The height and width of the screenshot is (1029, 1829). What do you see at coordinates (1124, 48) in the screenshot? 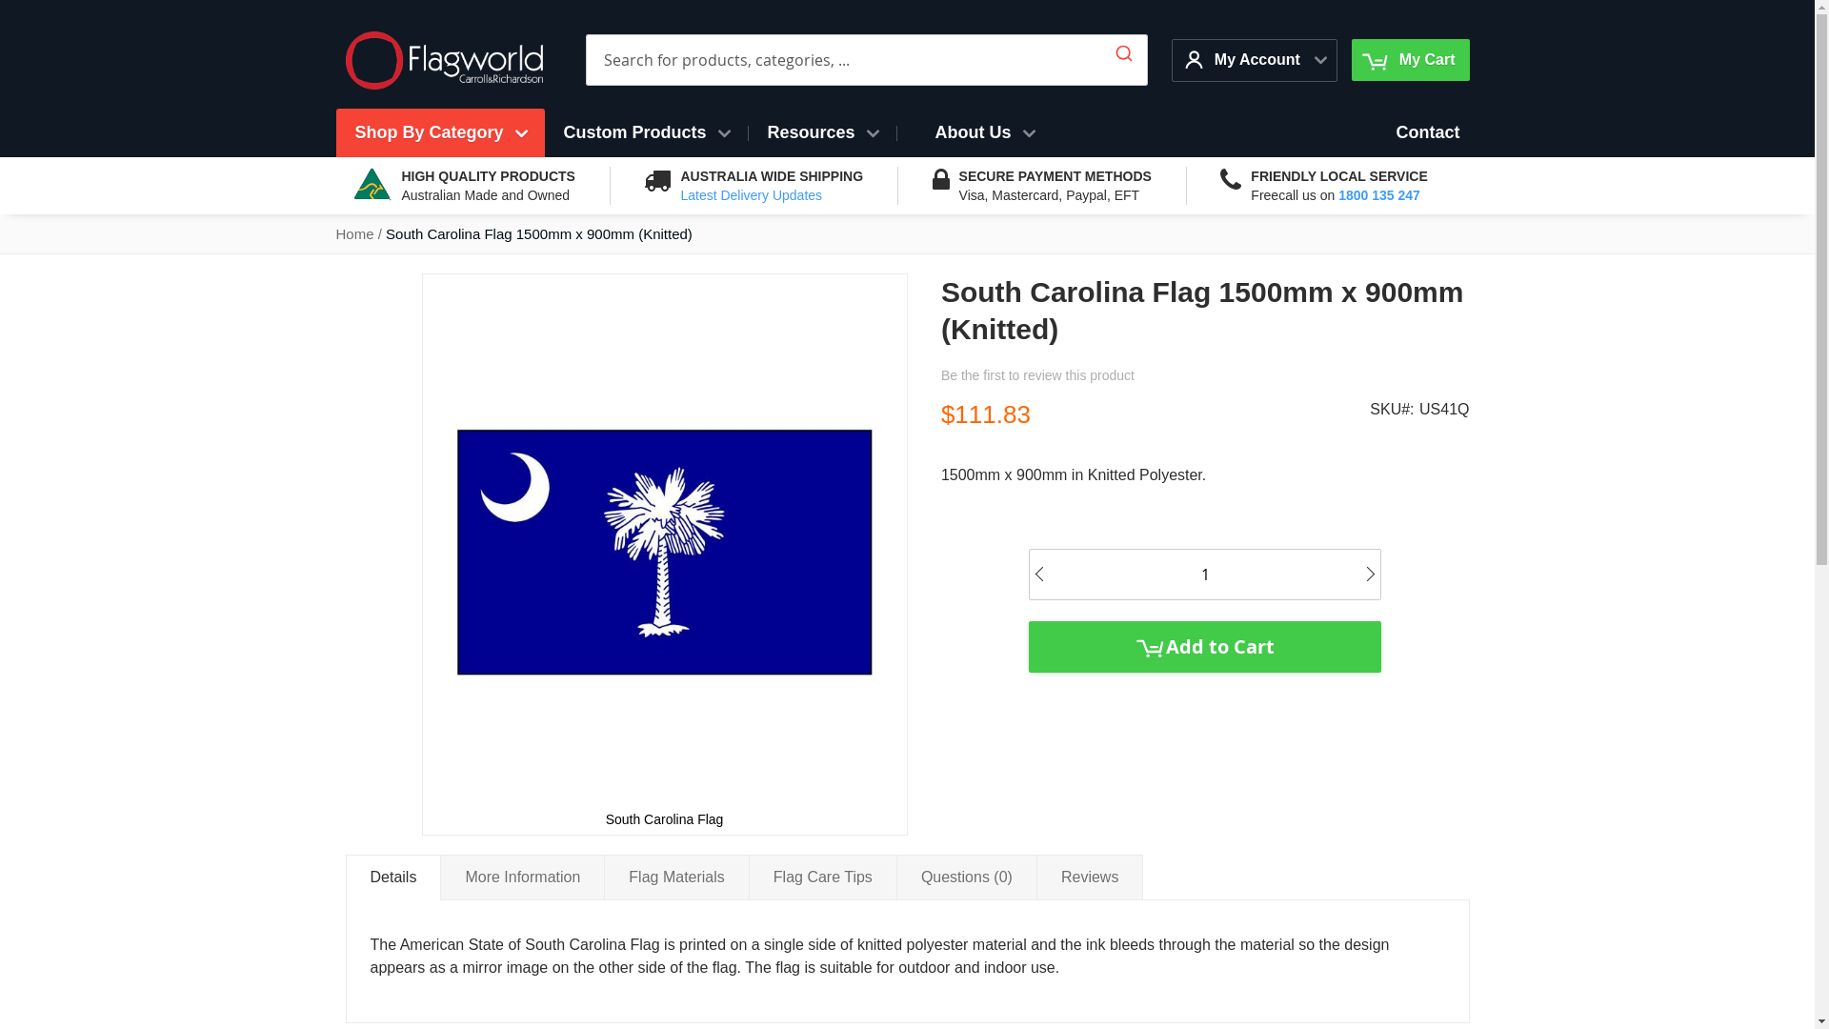
I see `'Submit'` at bounding box center [1124, 48].